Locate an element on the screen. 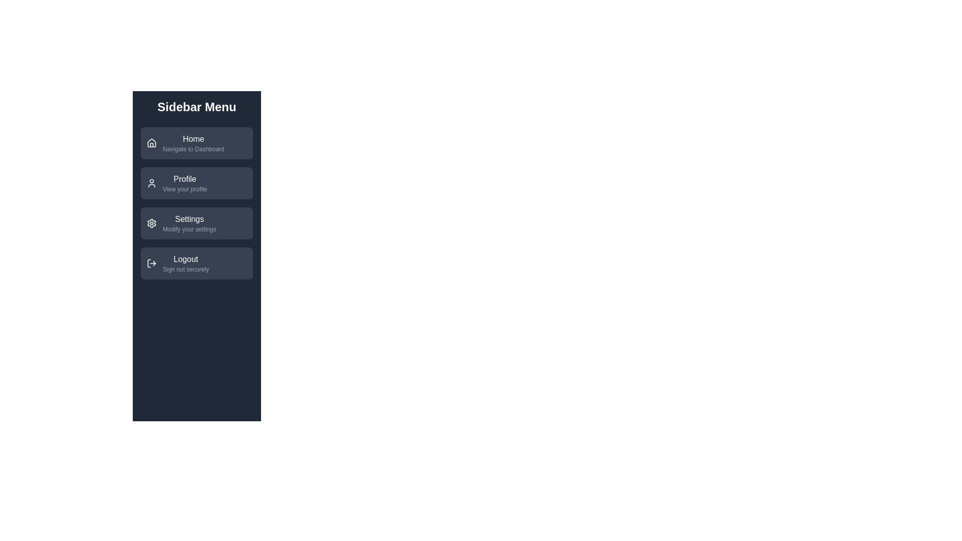  the menu item labeled Settings is located at coordinates (197, 223).